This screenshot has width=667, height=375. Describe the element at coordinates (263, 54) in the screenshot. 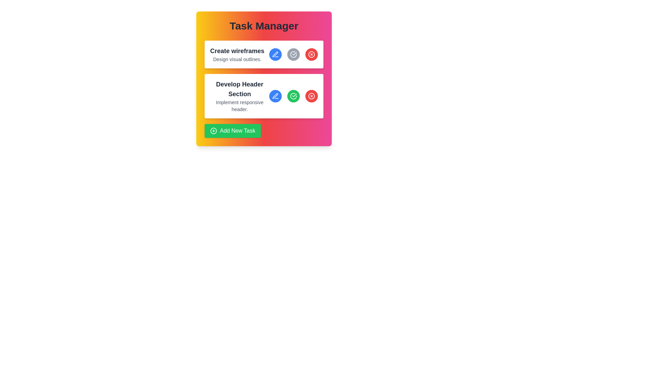

I see `the complete button located on the right side of the Task block labeled 'Create wireframes' to mark the task as done` at that location.